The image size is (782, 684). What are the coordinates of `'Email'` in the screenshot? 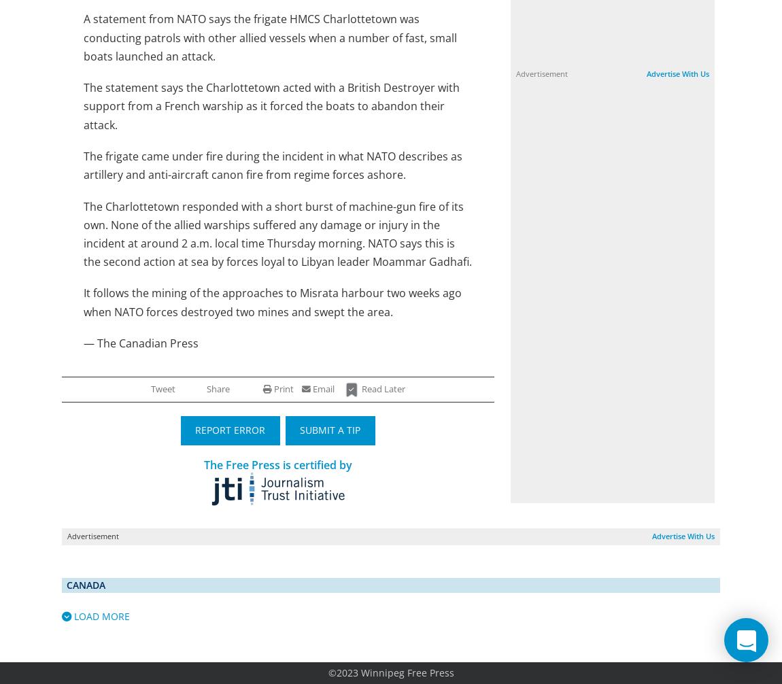 It's located at (322, 389).